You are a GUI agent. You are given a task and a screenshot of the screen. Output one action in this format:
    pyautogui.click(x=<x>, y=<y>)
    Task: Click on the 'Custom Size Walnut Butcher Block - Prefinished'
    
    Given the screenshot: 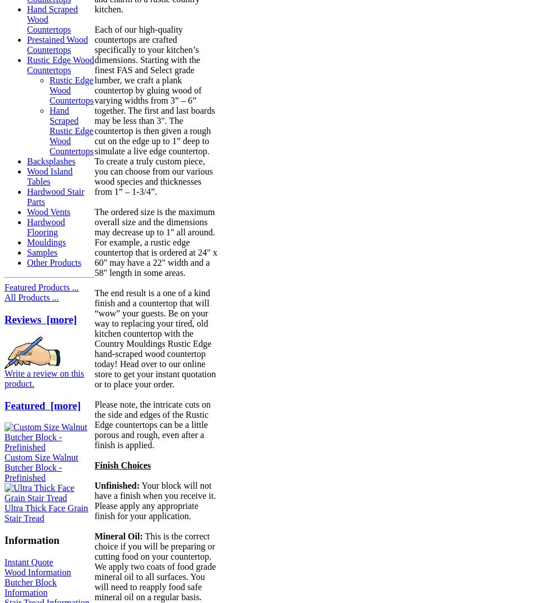 What is the action you would take?
    pyautogui.click(x=40, y=467)
    